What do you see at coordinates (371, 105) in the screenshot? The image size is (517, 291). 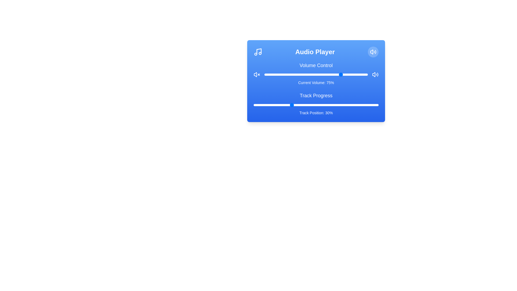 I see `track position` at bounding box center [371, 105].